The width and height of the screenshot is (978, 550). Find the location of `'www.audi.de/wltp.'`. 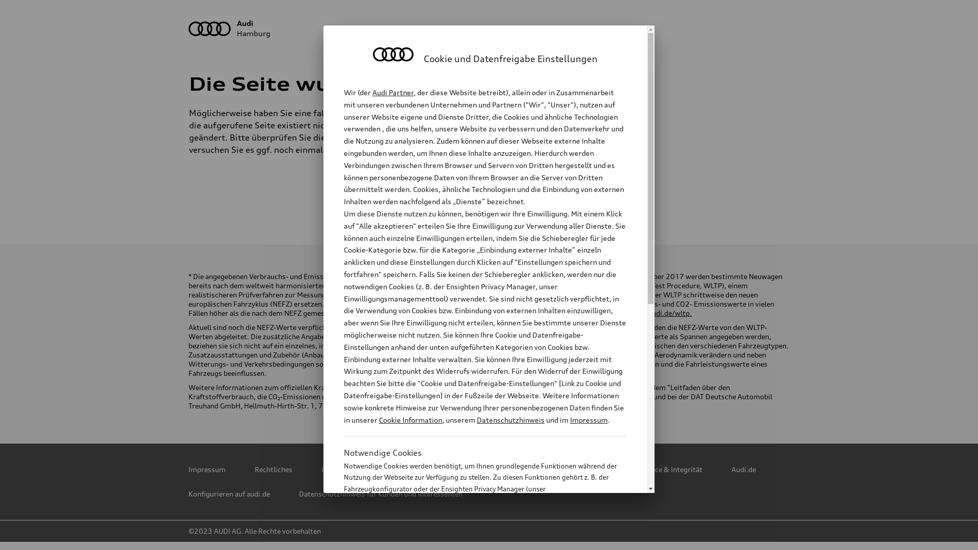

'www.audi.de/wltp.' is located at coordinates (661, 312).